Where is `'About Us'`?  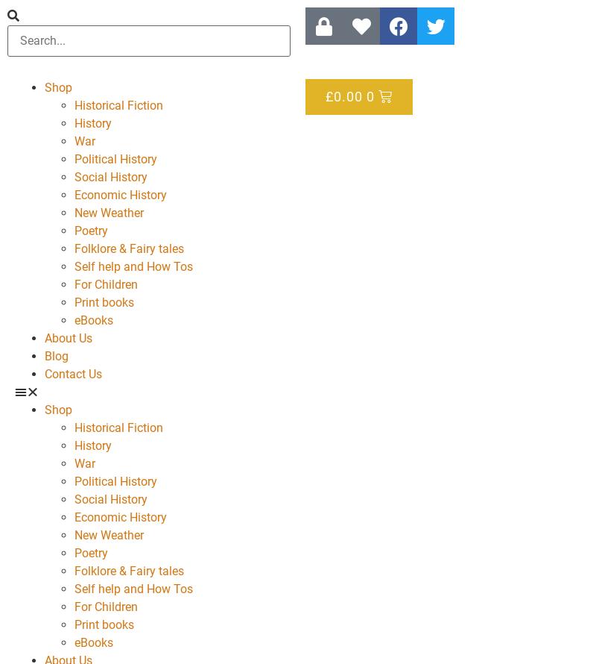 'About Us' is located at coordinates (44, 338).